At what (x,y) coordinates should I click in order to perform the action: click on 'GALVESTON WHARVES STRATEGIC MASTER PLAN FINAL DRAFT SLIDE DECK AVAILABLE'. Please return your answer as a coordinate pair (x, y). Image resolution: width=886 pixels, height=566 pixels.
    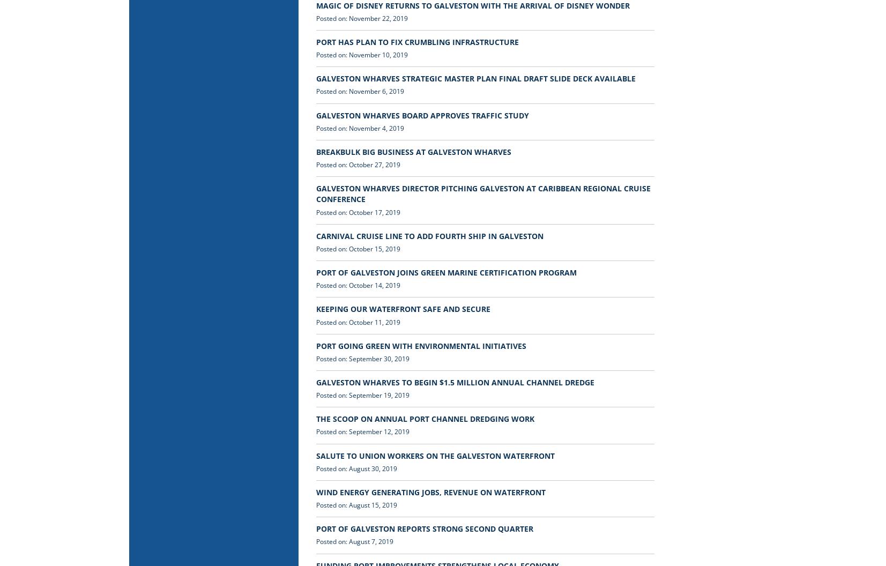
    Looking at the image, I should click on (475, 78).